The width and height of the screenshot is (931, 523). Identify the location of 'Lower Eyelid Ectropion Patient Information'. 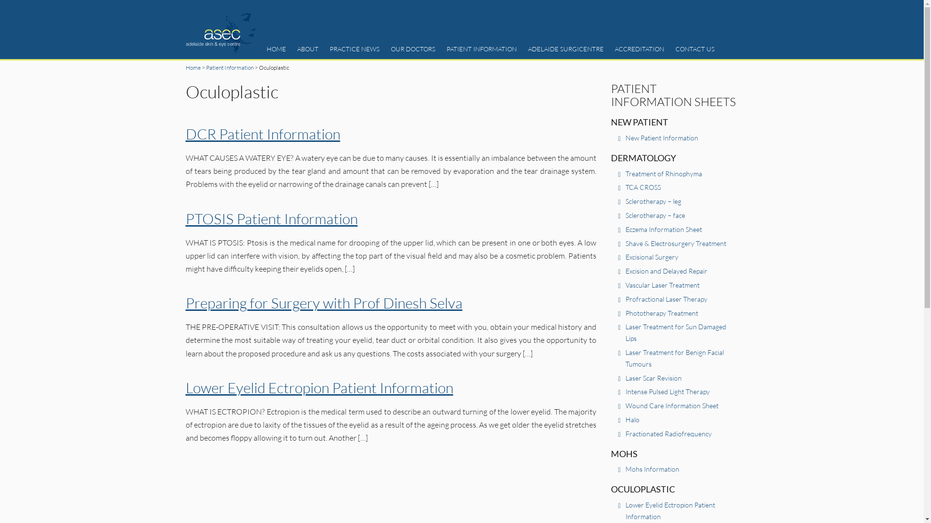
(185, 387).